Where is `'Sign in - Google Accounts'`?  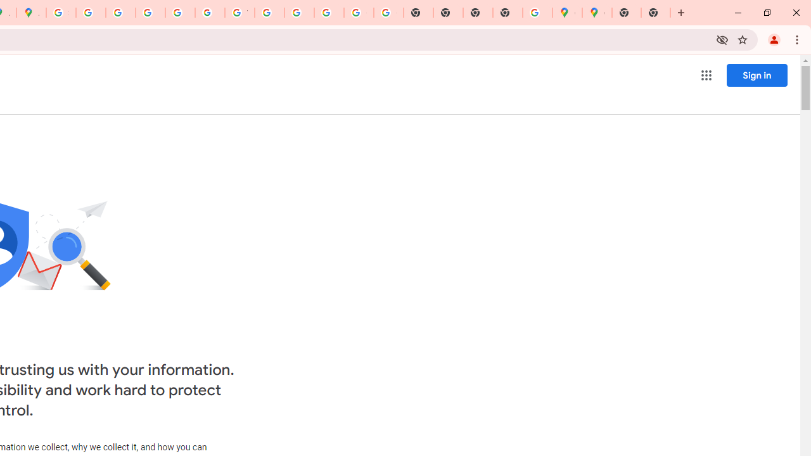 'Sign in - Google Accounts' is located at coordinates (60, 13).